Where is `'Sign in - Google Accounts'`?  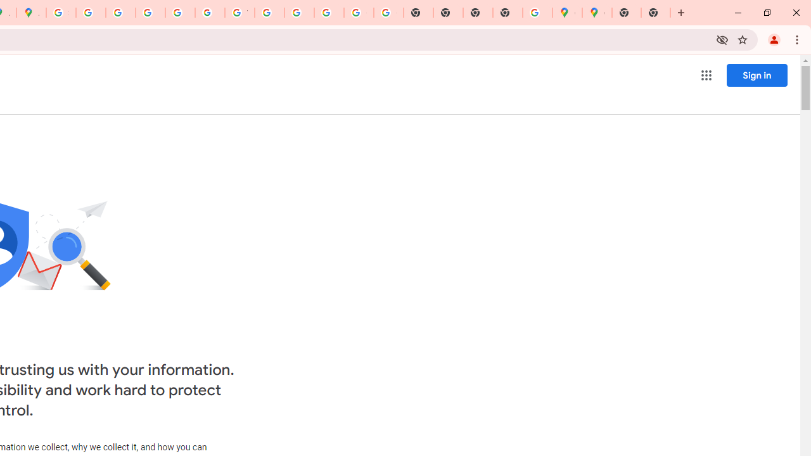 'Sign in - Google Accounts' is located at coordinates (60, 13).